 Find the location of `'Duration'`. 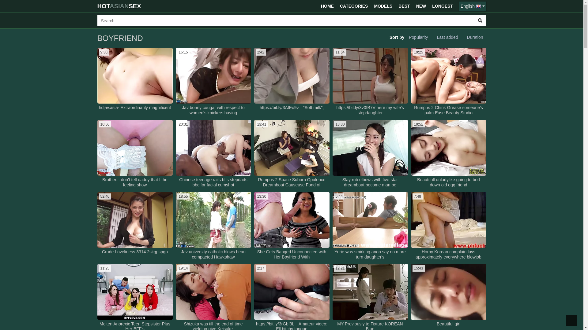

'Duration' is located at coordinates (475, 37).